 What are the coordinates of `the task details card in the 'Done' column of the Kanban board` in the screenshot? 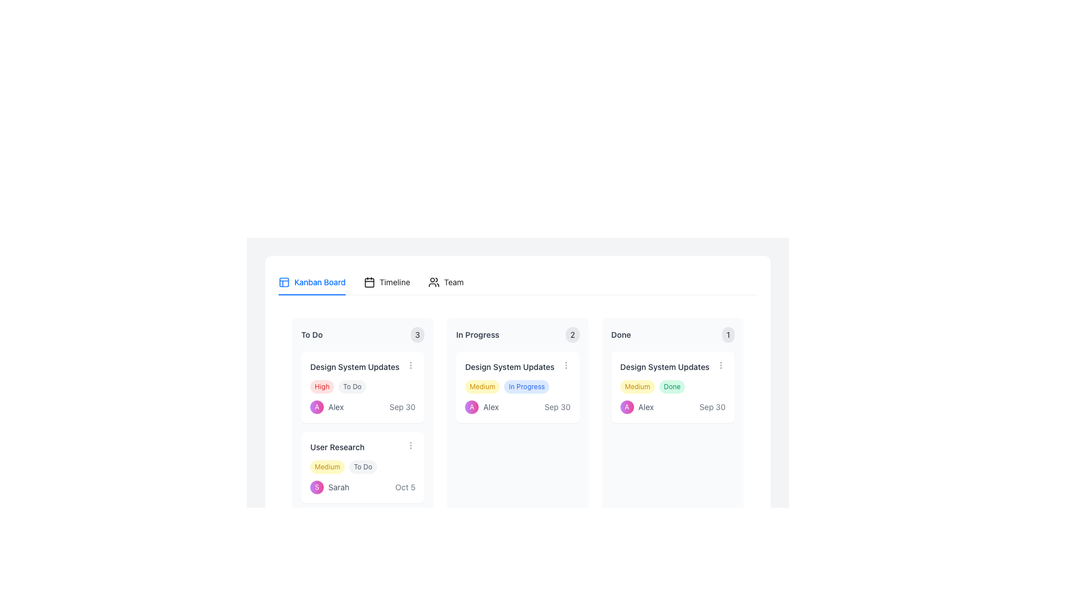 It's located at (672, 420).